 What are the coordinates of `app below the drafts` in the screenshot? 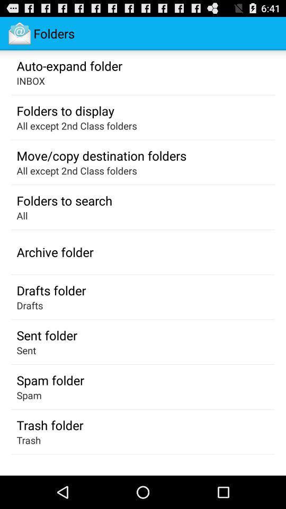 It's located at (46, 335).